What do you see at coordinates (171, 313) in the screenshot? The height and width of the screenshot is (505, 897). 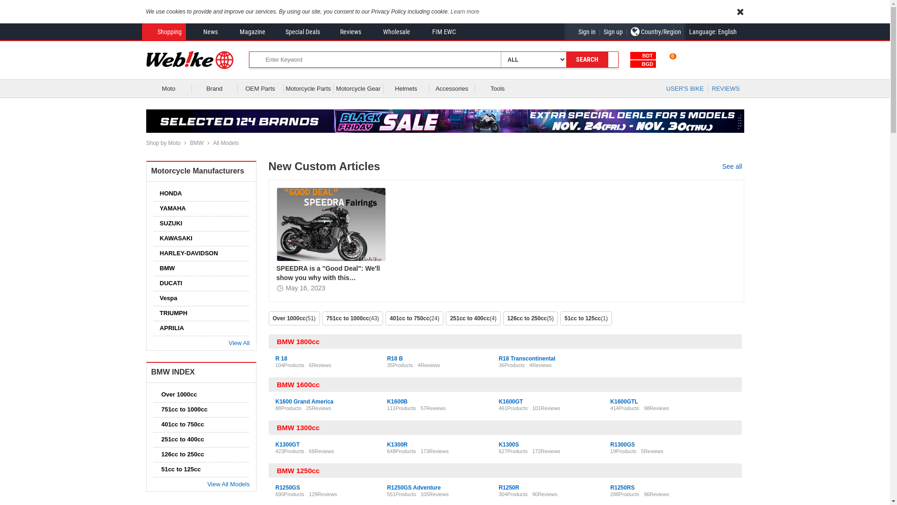 I see `'TRIUMPH'` at bounding box center [171, 313].